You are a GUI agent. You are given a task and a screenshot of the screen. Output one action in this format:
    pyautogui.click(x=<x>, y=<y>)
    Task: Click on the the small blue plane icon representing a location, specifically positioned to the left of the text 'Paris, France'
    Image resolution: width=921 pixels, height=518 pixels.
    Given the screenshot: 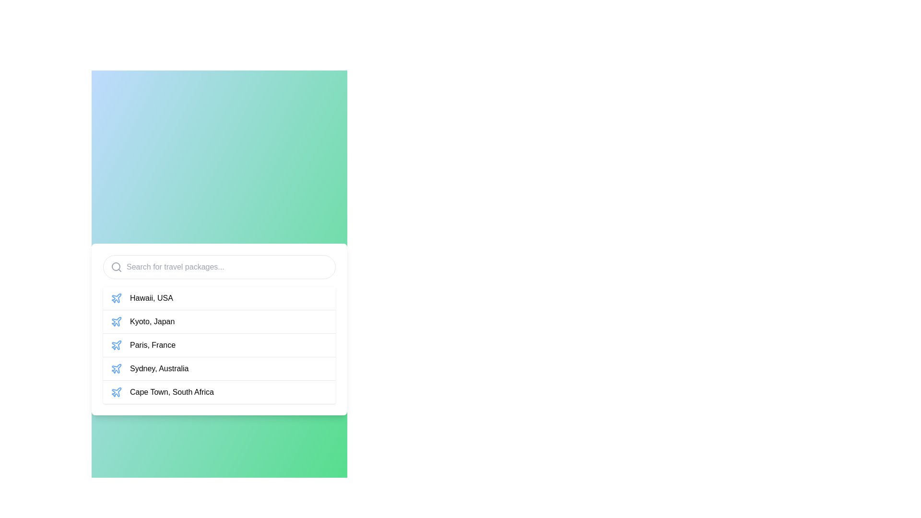 What is the action you would take?
    pyautogui.click(x=116, y=345)
    